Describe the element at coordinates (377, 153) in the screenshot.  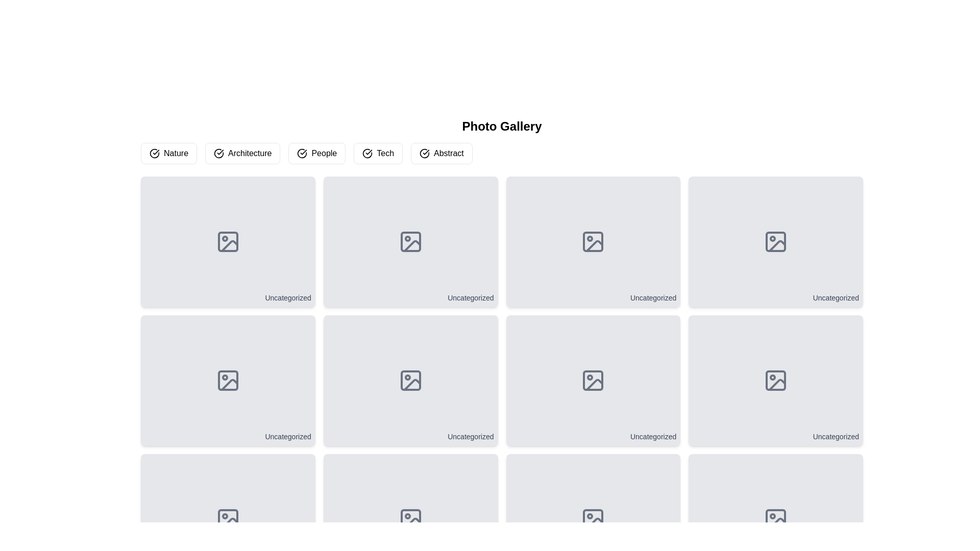
I see `the 'Tech' filter button located in the fourth position from the left under the 'Photo Gallery' heading to apply the filter` at that location.